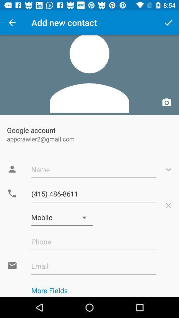 The height and width of the screenshot is (318, 179). I want to click on the camera icon which is on the right side of the page, so click(166, 103).